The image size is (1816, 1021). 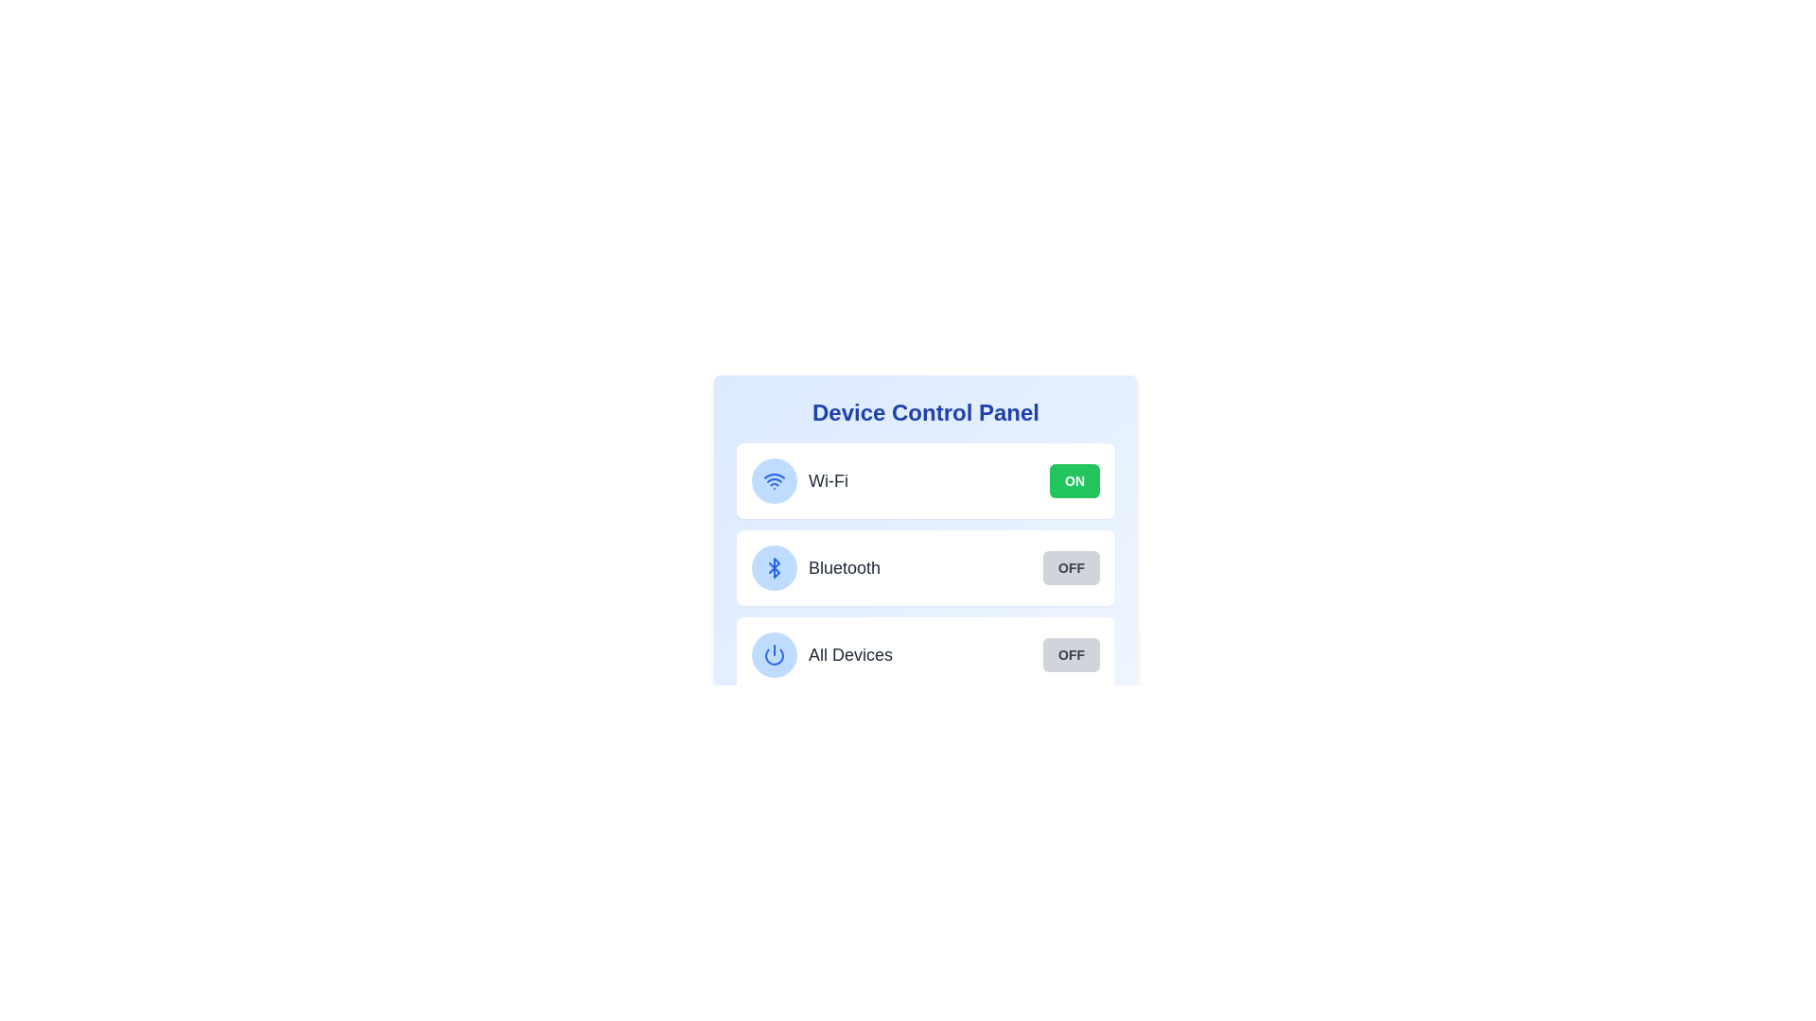 What do you see at coordinates (775, 567) in the screenshot?
I see `the Bluetooth icon located in the control panel, which is the second icon in a vertical arrangement, situated below the Wi-Fi icon and above the All Devices icon` at bounding box center [775, 567].